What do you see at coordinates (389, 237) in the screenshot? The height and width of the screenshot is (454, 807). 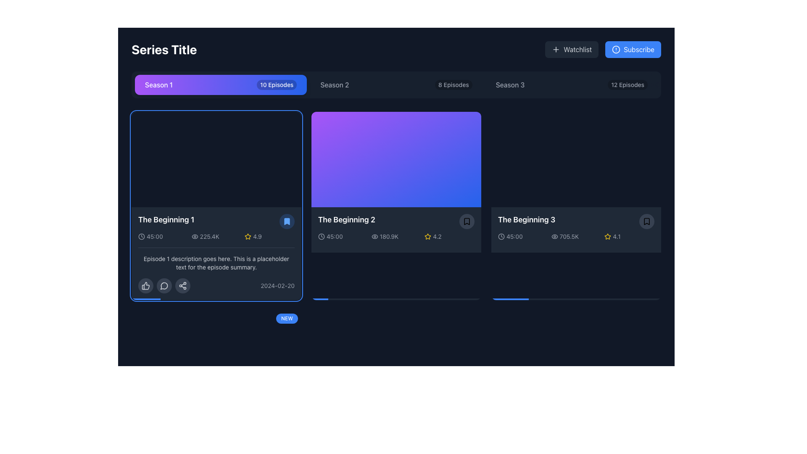 I see `view count displayed by the text label located in the second card (The Beginning 2), positioned to the right of the eye icon and below the card title and image` at bounding box center [389, 237].